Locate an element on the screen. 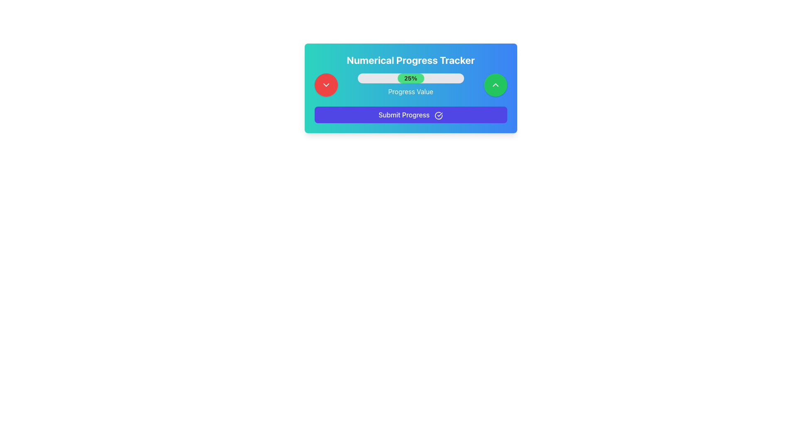  the Chevron-Up icon within the round green button located on the right side of the 'Numerical Progress Tracker' section is located at coordinates (495, 85).